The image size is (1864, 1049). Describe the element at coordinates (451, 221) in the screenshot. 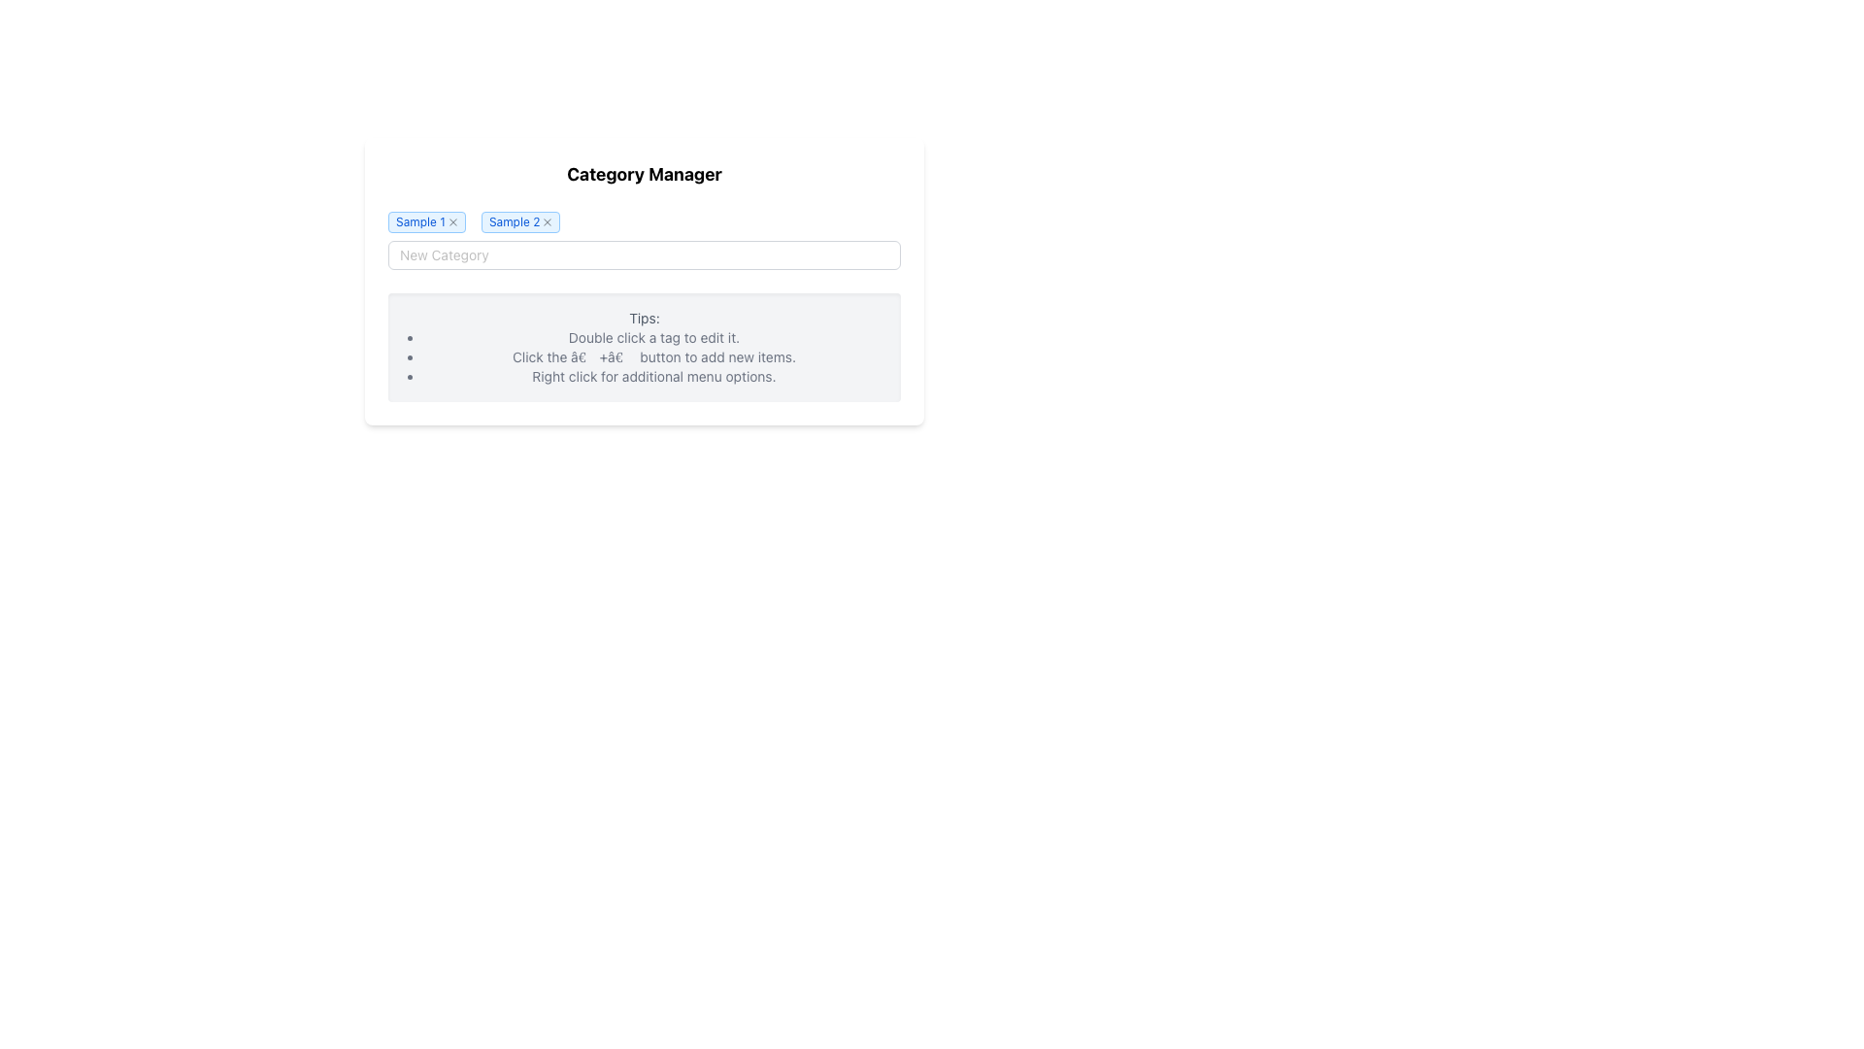

I see `the Close button icon located to the far right inside the 'Sample 1' tag` at that location.